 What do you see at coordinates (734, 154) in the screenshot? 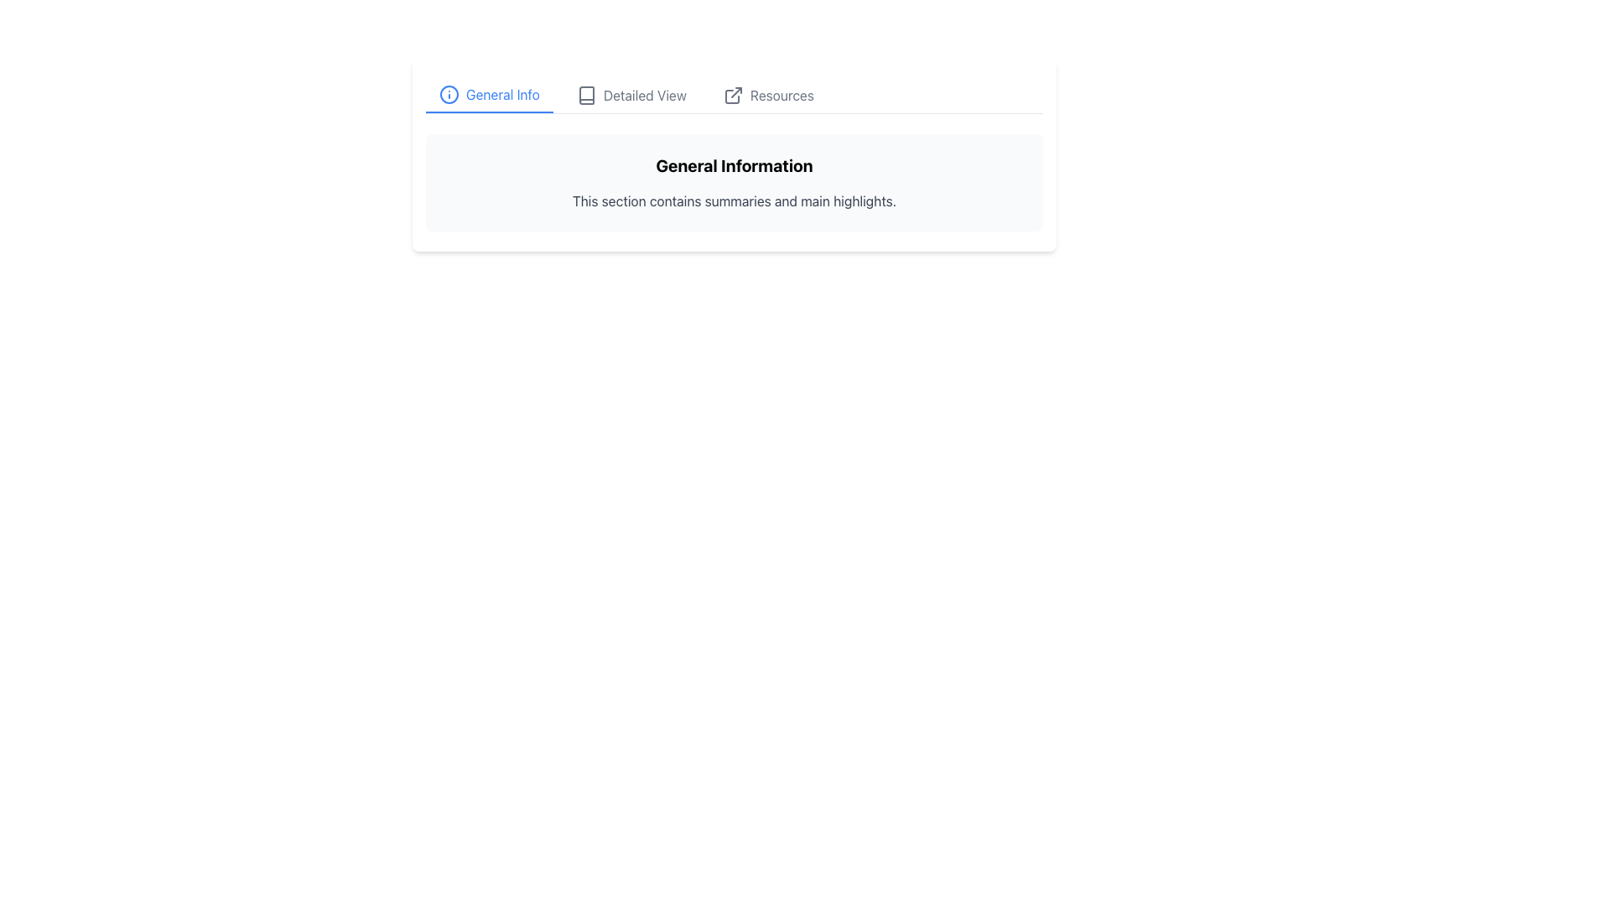
I see `text in the Informational Section titled 'General Information', which contains summaries and main highlights` at bounding box center [734, 154].